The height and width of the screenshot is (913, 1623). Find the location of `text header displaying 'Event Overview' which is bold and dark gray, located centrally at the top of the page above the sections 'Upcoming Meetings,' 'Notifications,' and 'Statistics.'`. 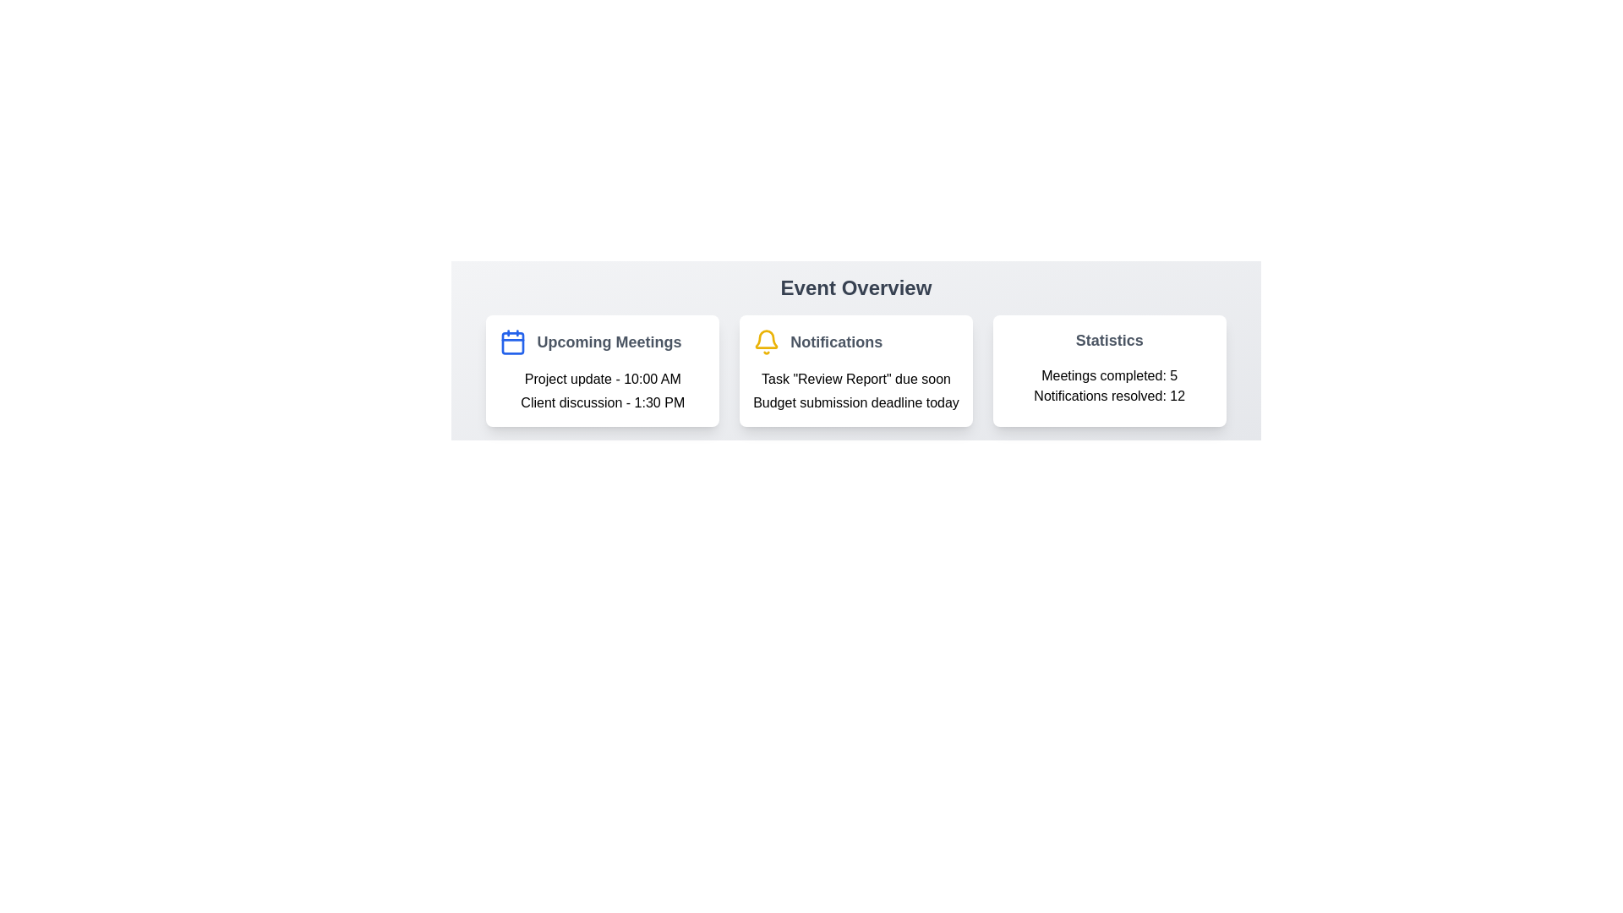

text header displaying 'Event Overview' which is bold and dark gray, located centrally at the top of the page above the sections 'Upcoming Meetings,' 'Notifications,' and 'Statistics.' is located at coordinates (855, 287).